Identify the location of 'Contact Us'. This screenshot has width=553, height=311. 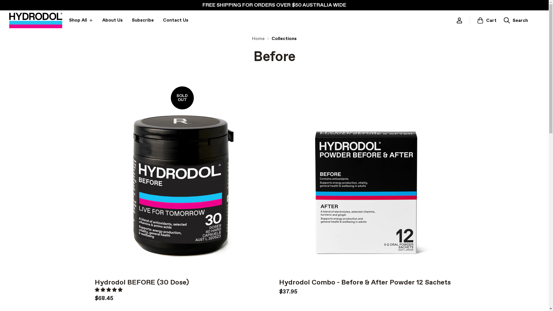
(163, 20).